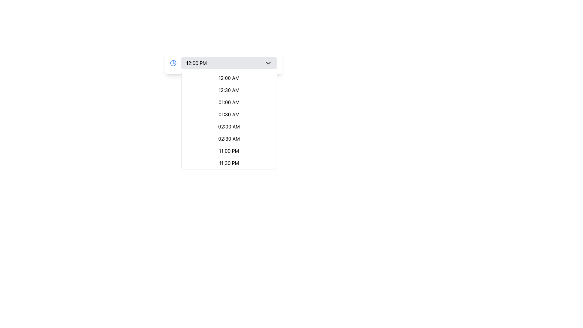 This screenshot has height=328, width=583. I want to click on the text item displaying '02:00 AM' in the dropdown list, so click(229, 126).